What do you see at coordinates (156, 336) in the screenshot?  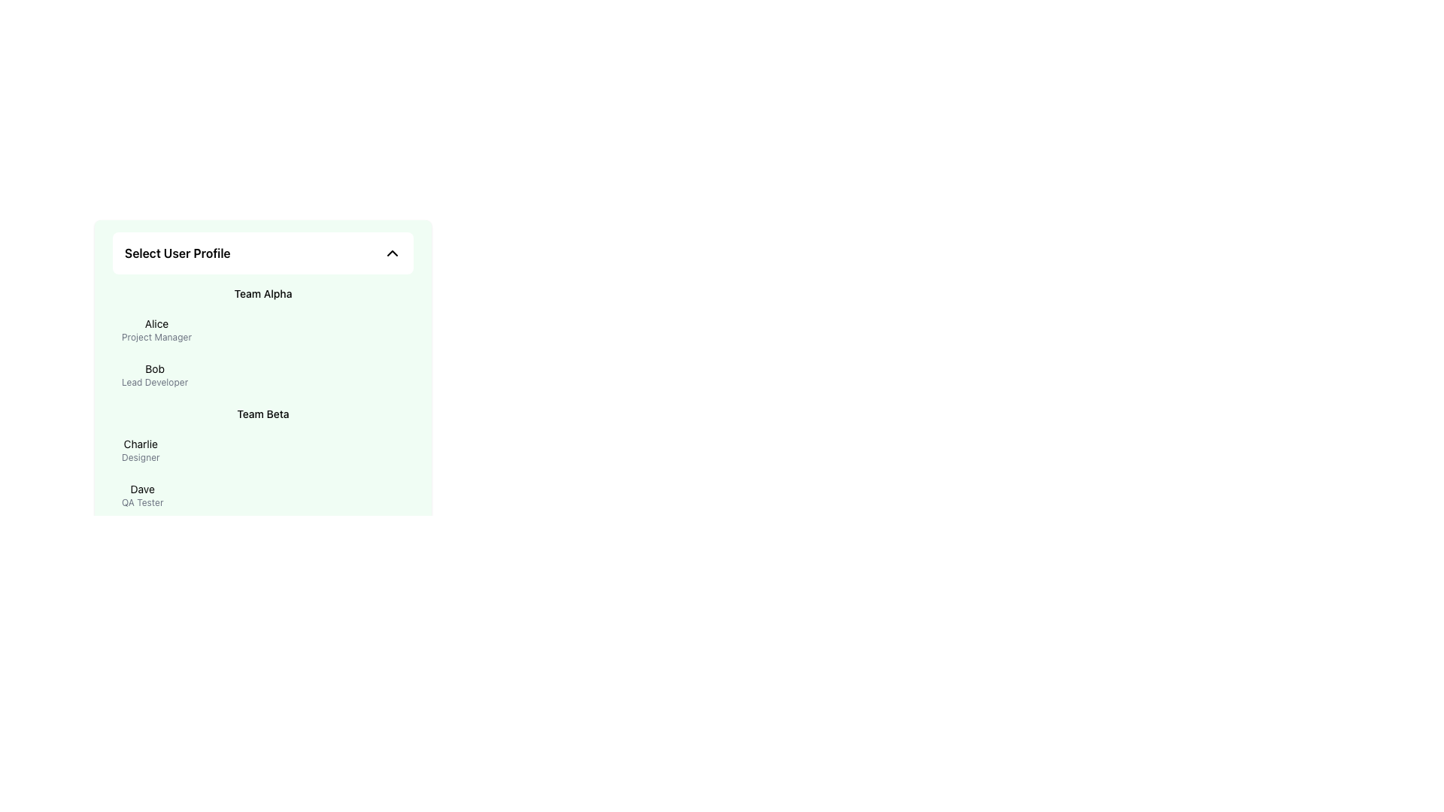 I see `the informational text label indicating the job title of user 'Alice' located under the name 'Alice' in the 'Team Alpha' section of the user profile selection interface` at bounding box center [156, 336].